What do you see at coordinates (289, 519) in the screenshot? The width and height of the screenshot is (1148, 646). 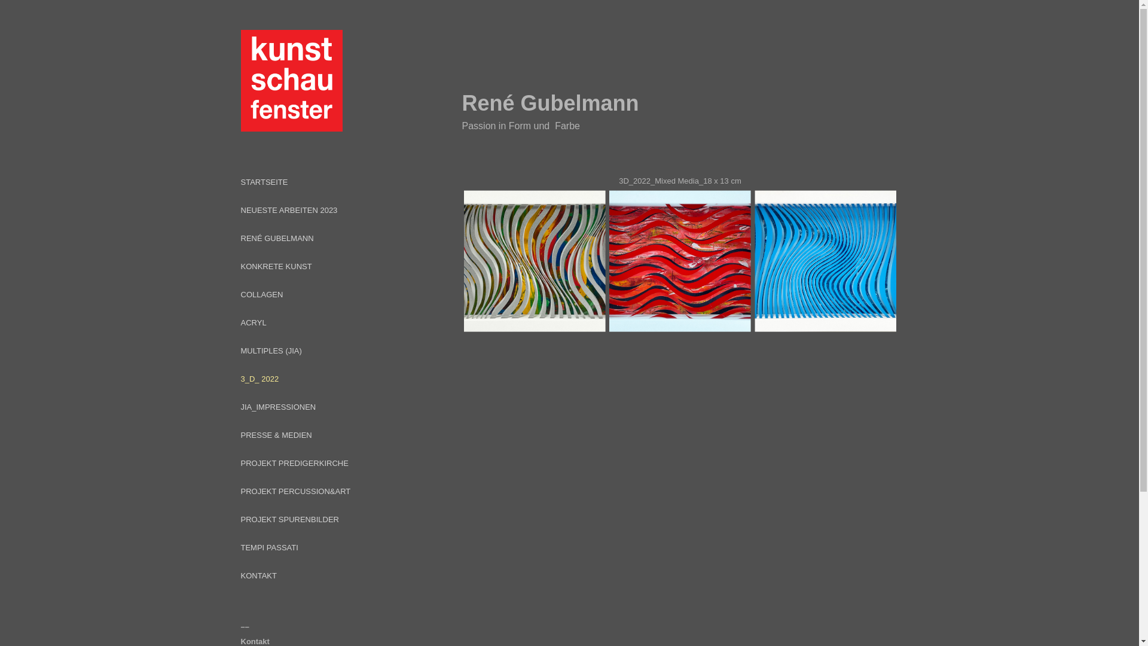 I see `'PROJEKT SPURENBILDER'` at bounding box center [289, 519].